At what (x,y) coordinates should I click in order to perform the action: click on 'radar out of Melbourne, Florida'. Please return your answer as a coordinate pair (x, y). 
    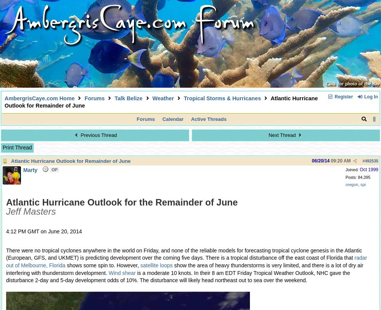
    Looking at the image, I should click on (186, 261).